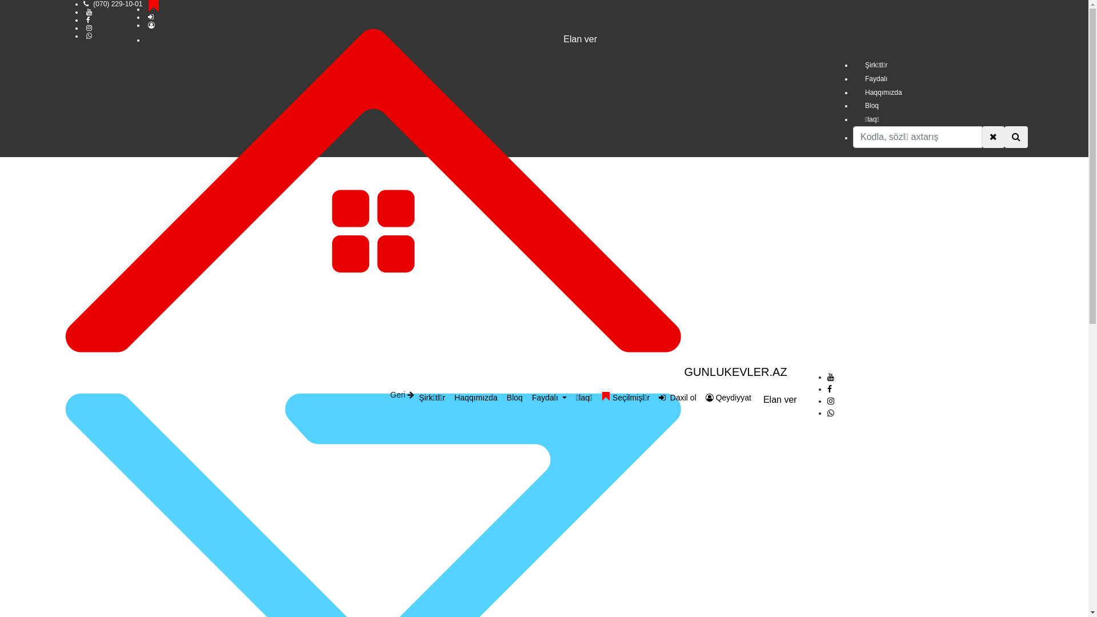 Image resolution: width=1097 pixels, height=617 pixels. What do you see at coordinates (700, 397) in the screenshot?
I see `' Qeydiyyat'` at bounding box center [700, 397].